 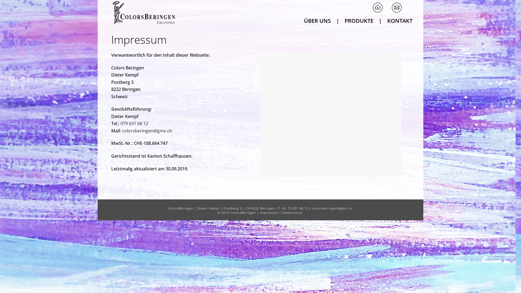 What do you see at coordinates (147, 131) in the screenshot?
I see `'colorsberingen@gmx.ch'` at bounding box center [147, 131].